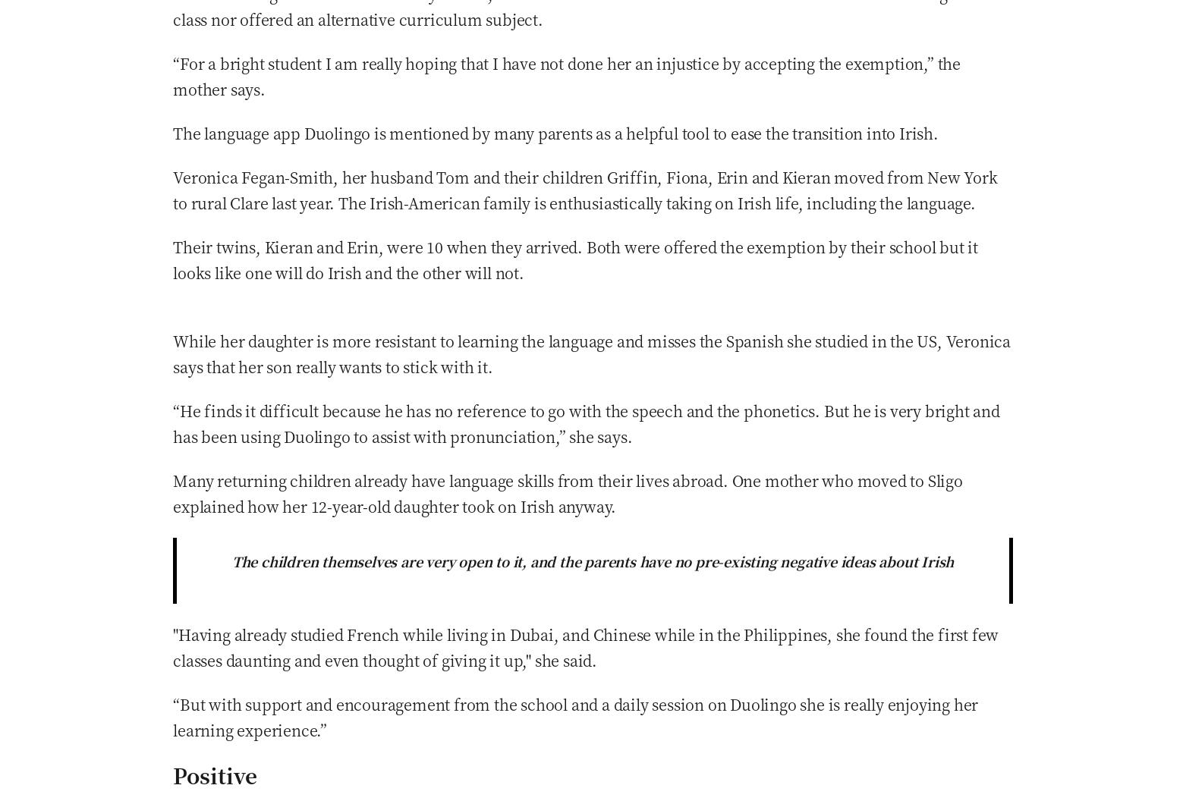 The width and height of the screenshot is (1186, 804). What do you see at coordinates (585, 188) in the screenshot?
I see `'Veronica Fegan-Smith, her husband Tom and their children Griffin, Fiona, Erin and Kieran moved from New York to rural Clare last year. The Irish-American family is enthusiastically taking on Irish life, including the language.'` at bounding box center [585, 188].